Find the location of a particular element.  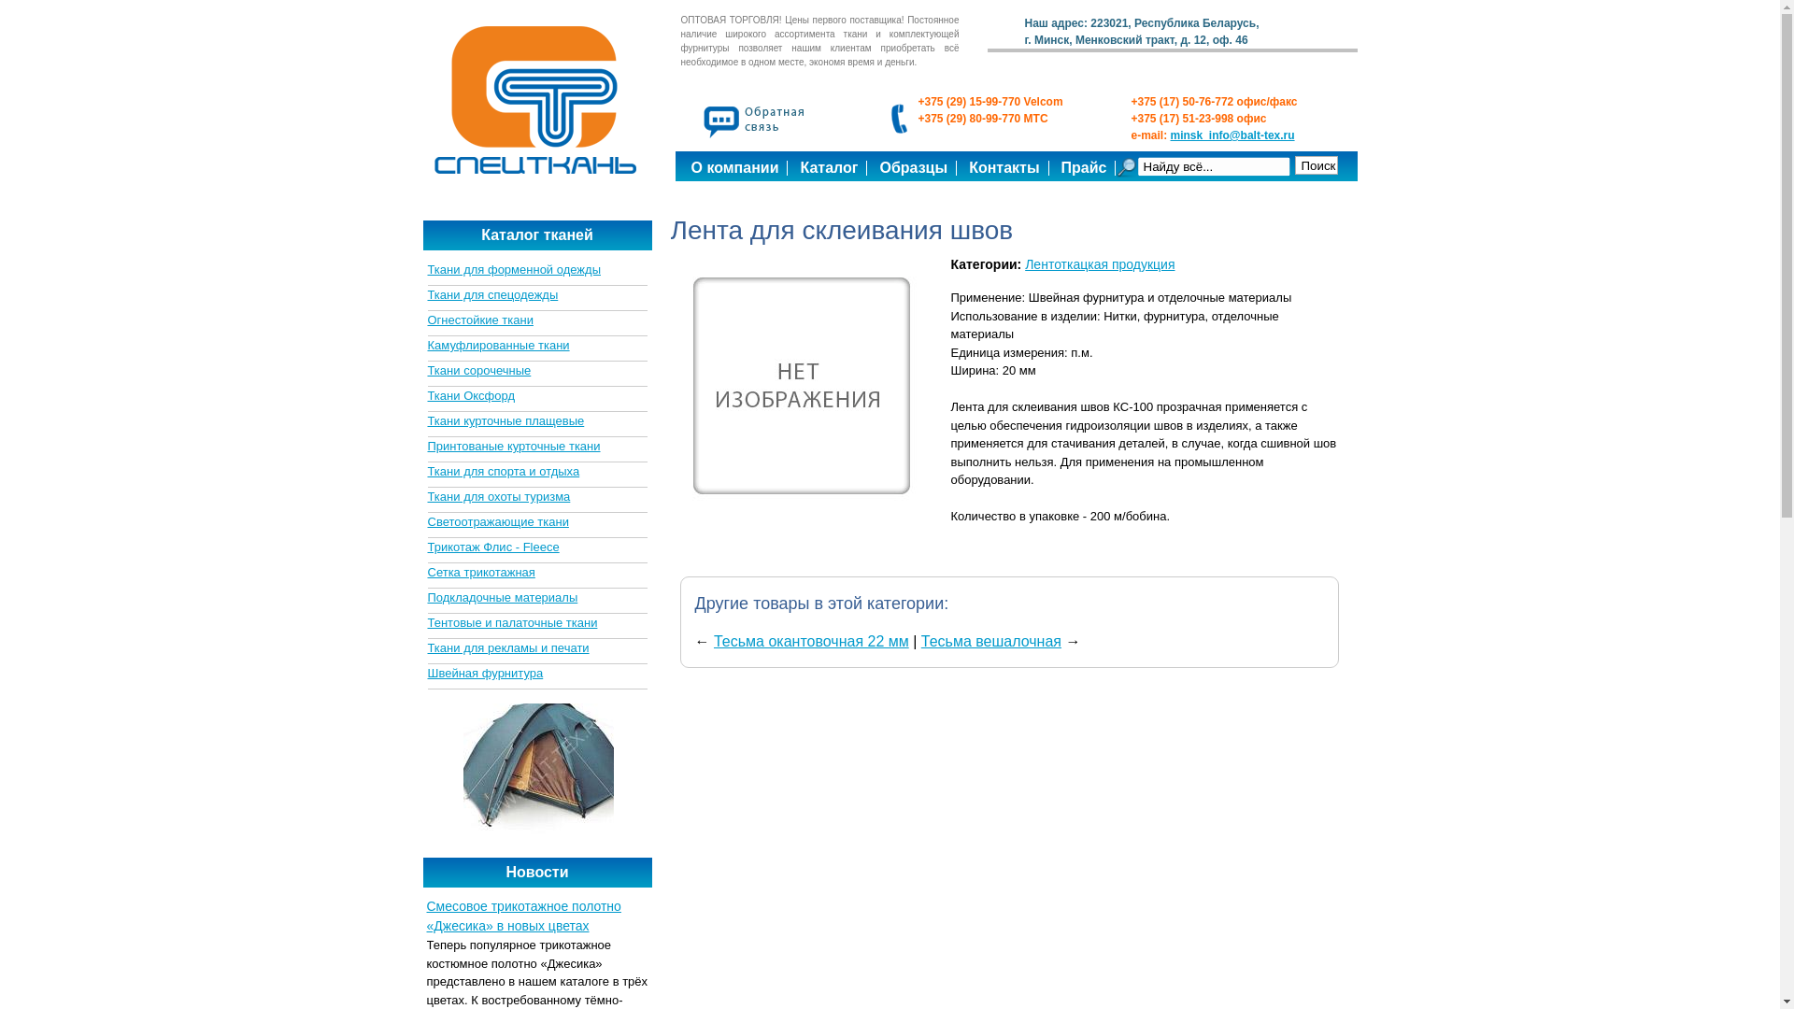

'minsk_info@balt-tex.ru' is located at coordinates (1232, 135).